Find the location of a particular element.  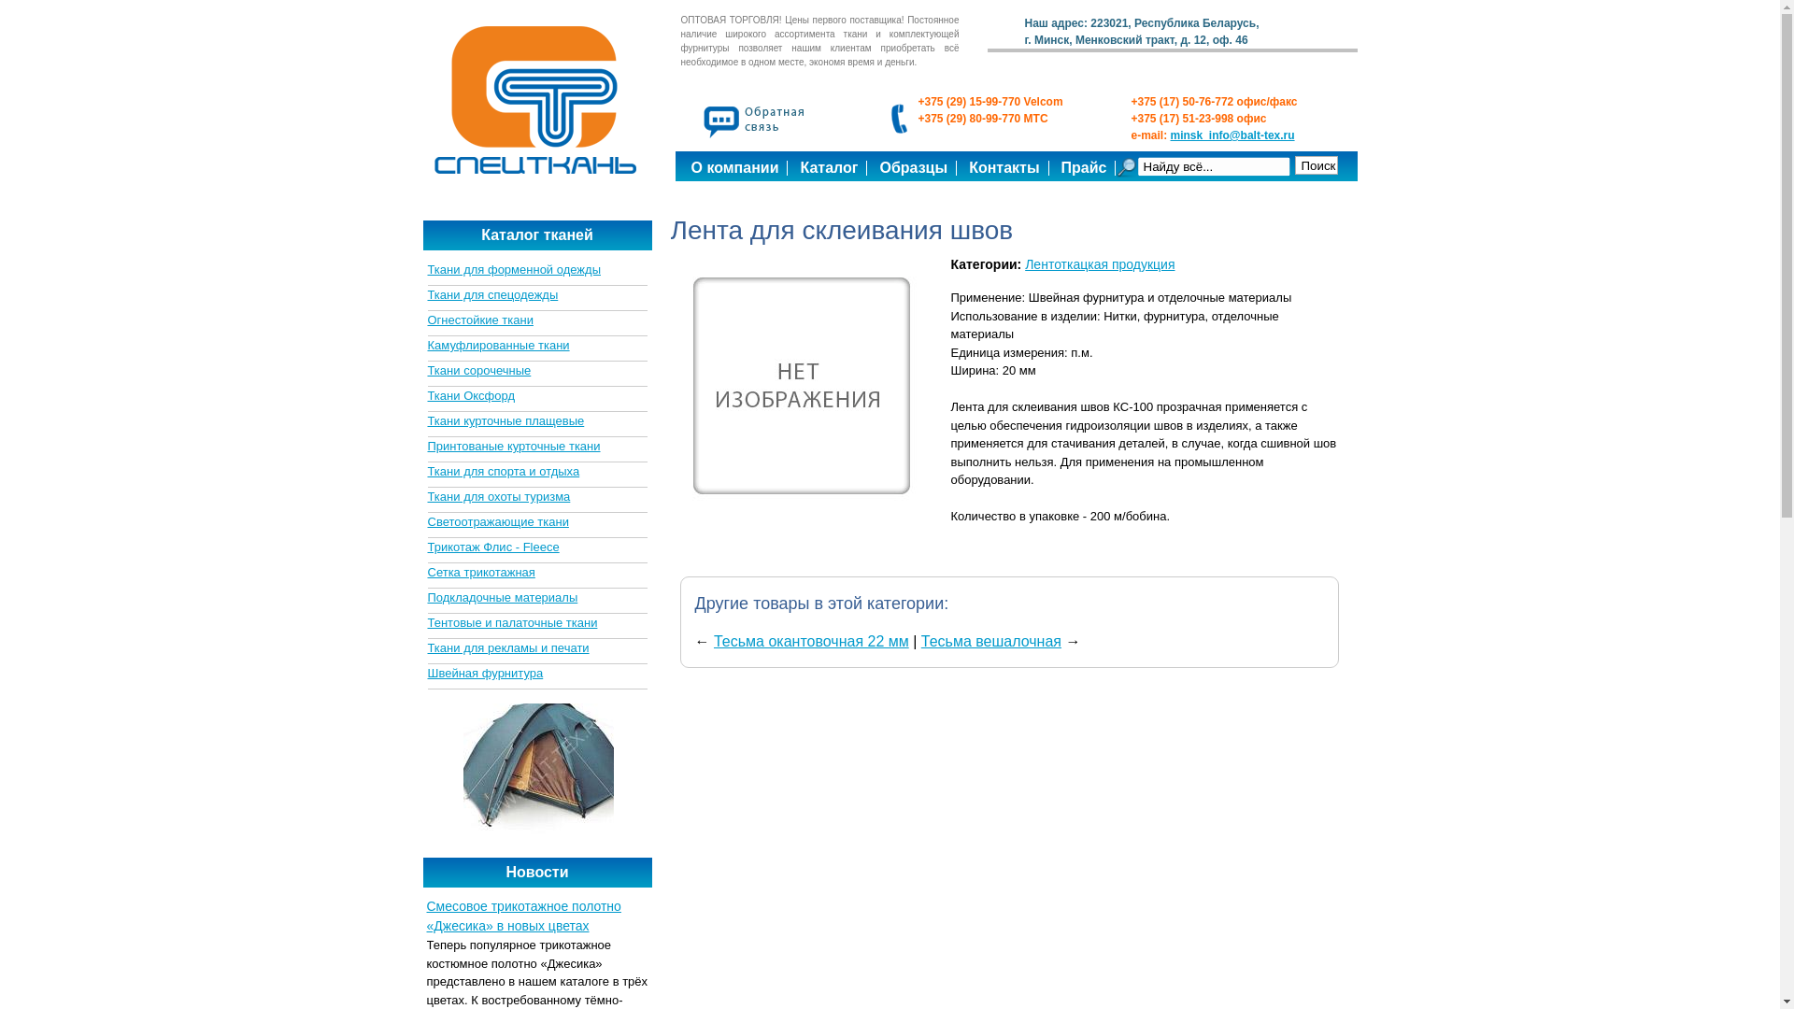

'minsk_info@balt-tex.ru' is located at coordinates (1232, 135).